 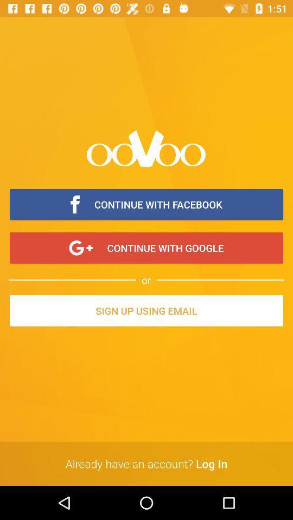 I want to click on the sign up using item, so click(x=146, y=311).